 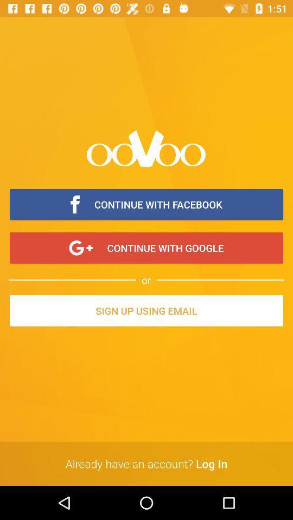 I want to click on the sign up using item, so click(x=146, y=311).